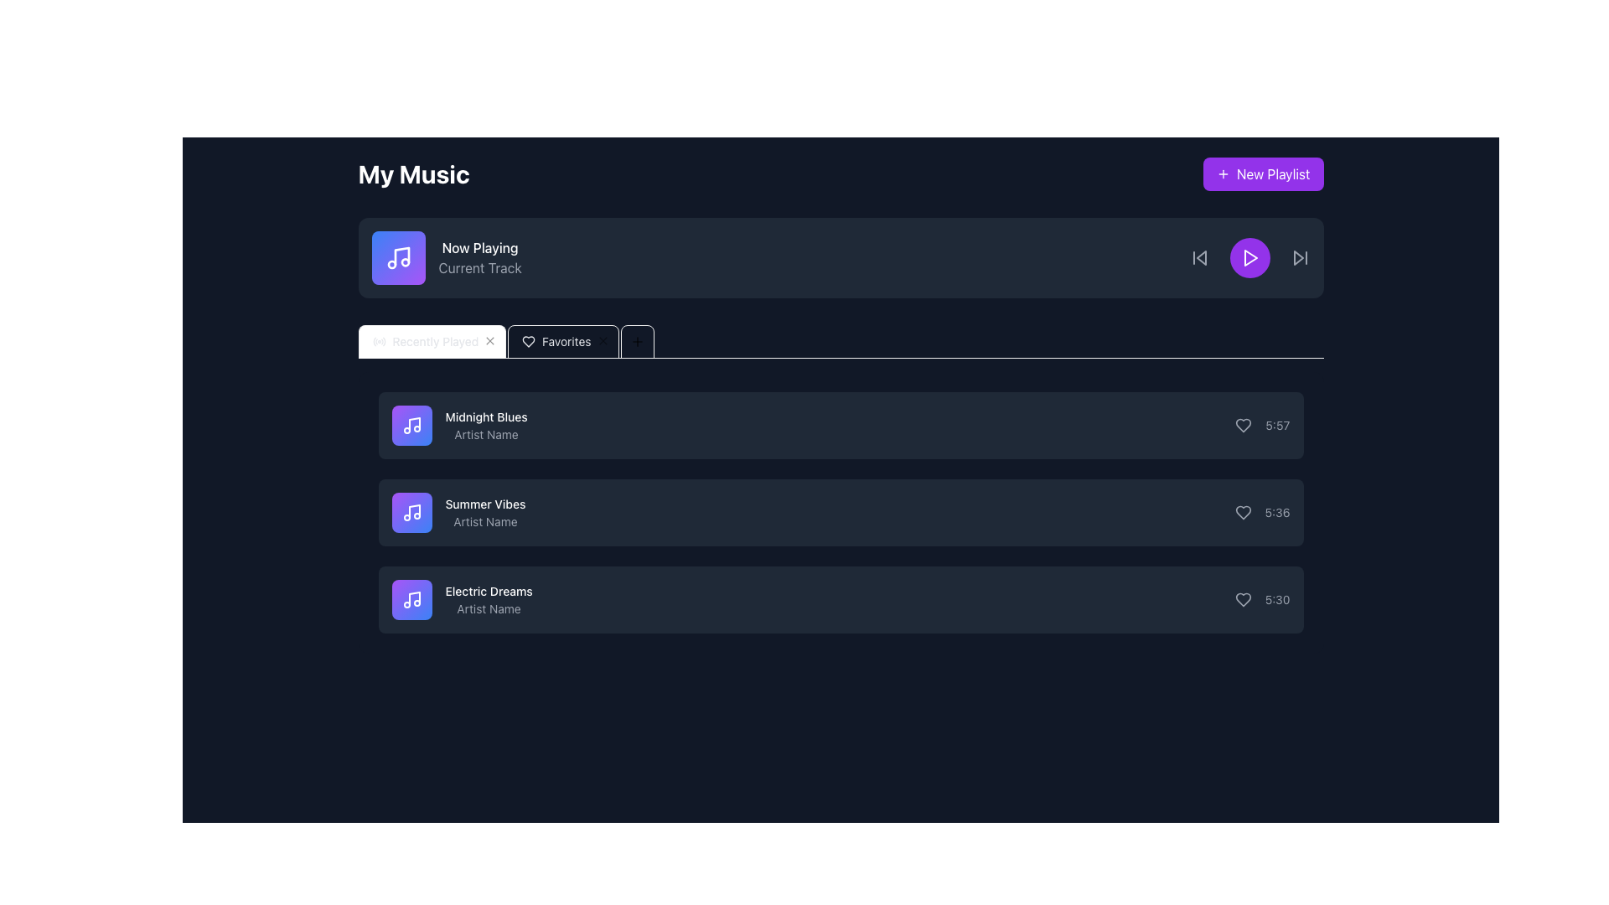 This screenshot has width=1609, height=905. What do you see at coordinates (1200, 258) in the screenshot?
I see `the backward navigation arrow icon in the music playback control bar` at bounding box center [1200, 258].